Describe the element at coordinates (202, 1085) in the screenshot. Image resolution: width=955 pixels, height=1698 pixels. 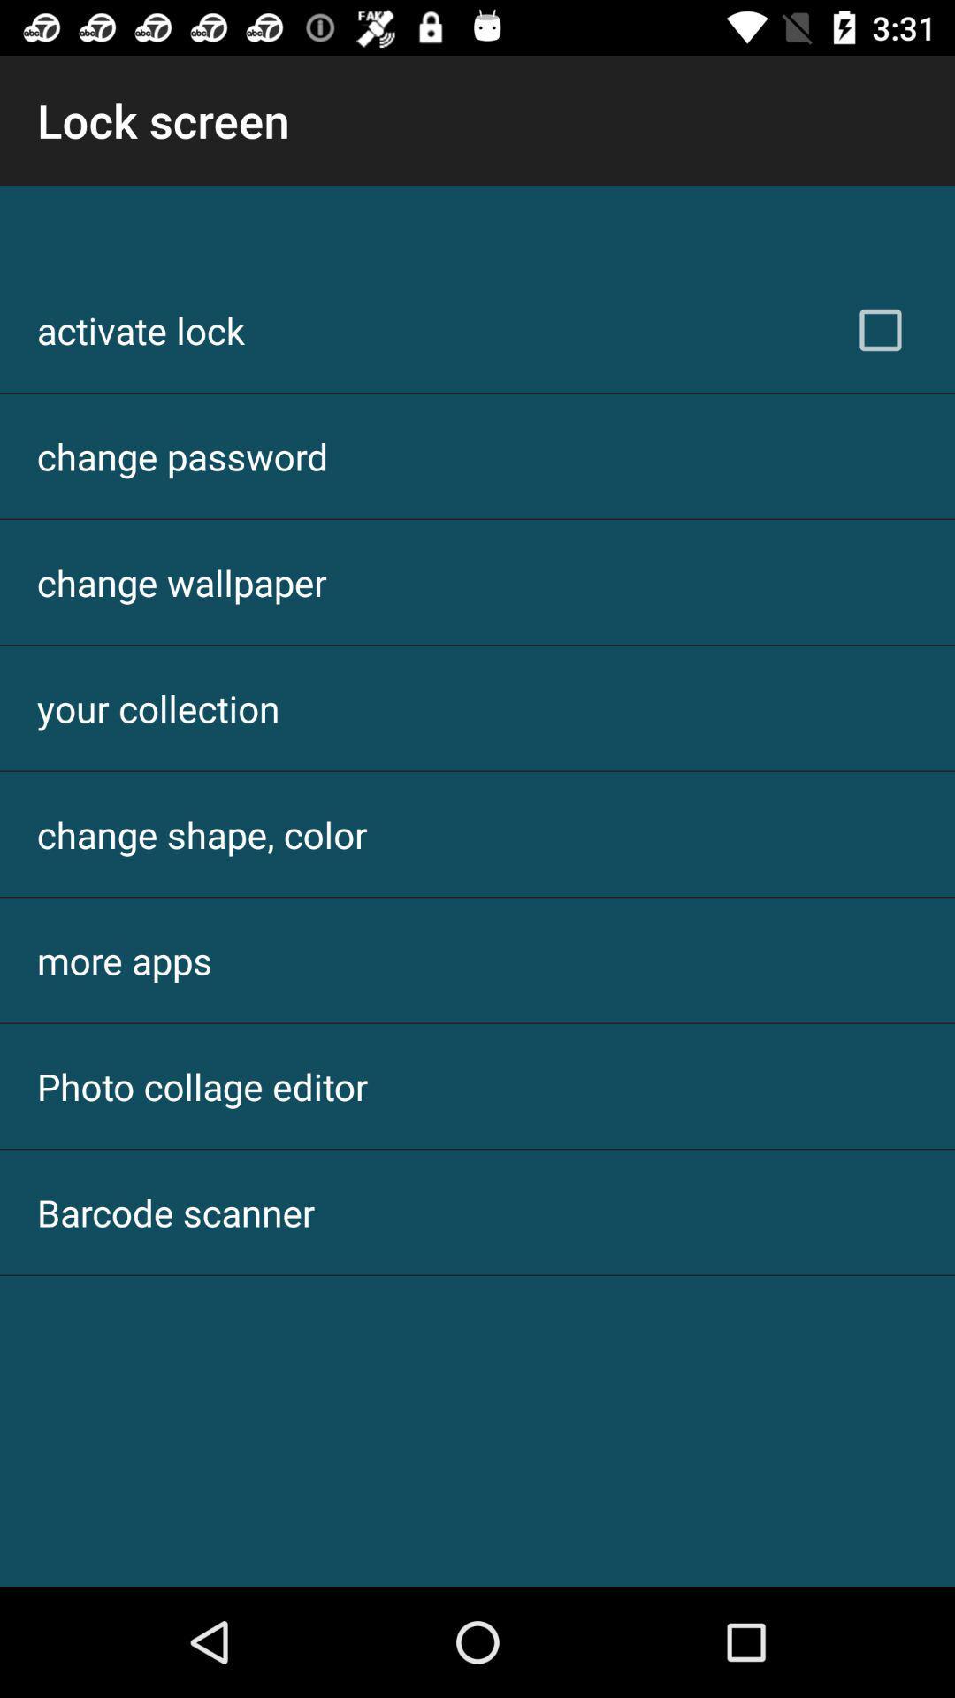
I see `photo collage editor item` at that location.